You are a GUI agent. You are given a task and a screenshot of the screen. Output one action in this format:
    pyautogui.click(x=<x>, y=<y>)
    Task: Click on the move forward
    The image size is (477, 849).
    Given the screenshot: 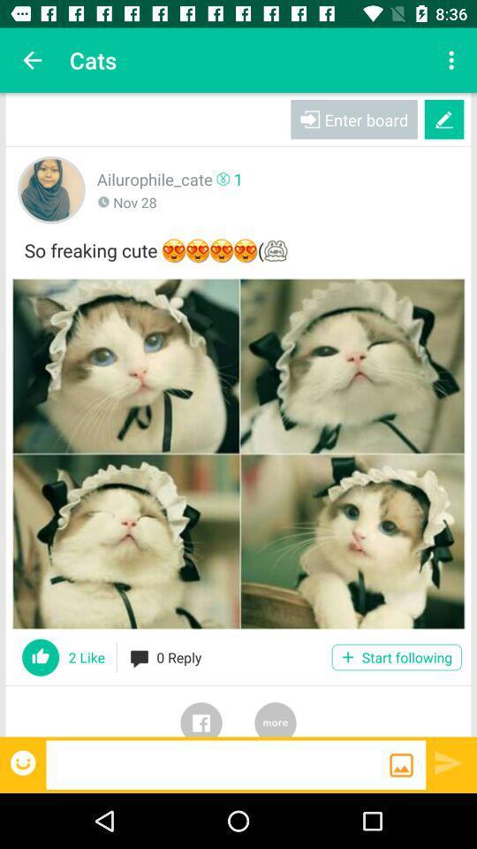 What is the action you would take?
    pyautogui.click(x=449, y=761)
    